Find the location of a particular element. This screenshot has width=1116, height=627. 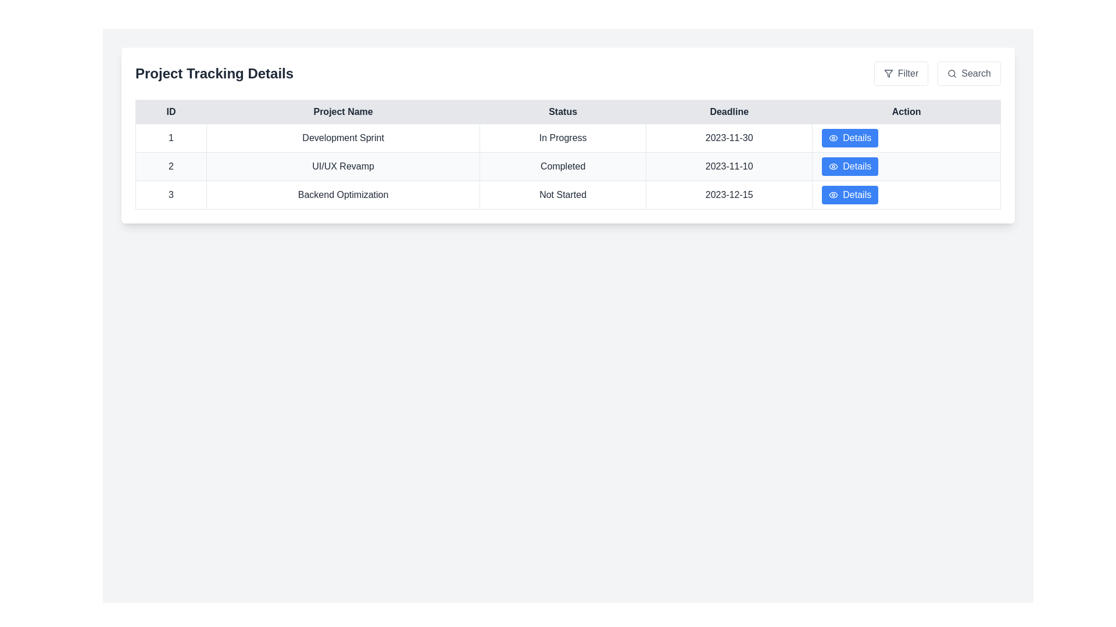

the 'Status' column header in the table, which is the third header among five headers: 'ID', 'Project Name', 'Status', 'Deadline', and 'Action' is located at coordinates (563, 111).